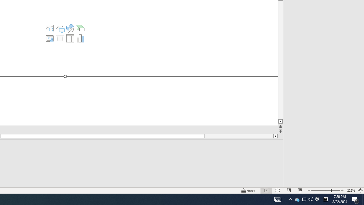  I want to click on 'Insert Cameo', so click(49, 38).